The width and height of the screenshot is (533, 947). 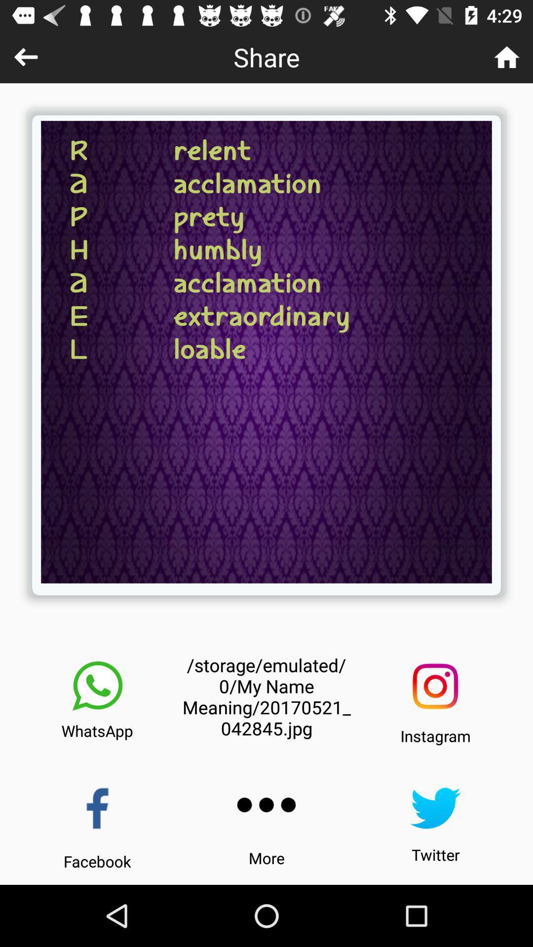 I want to click on the icon above the whatsapp item, so click(x=97, y=686).